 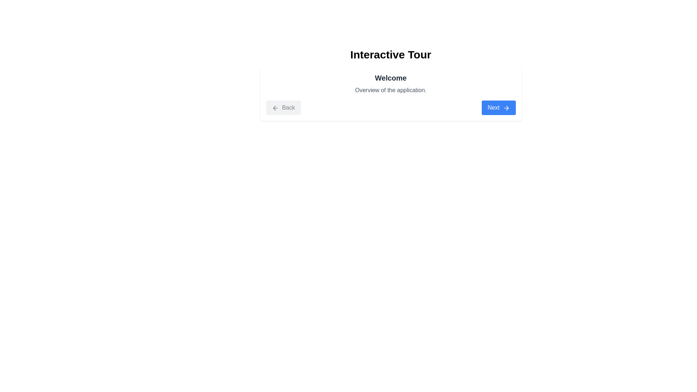 What do you see at coordinates (274, 108) in the screenshot?
I see `the back navigation arrow icon located inside the 'Back' button on the left side of the interface` at bounding box center [274, 108].